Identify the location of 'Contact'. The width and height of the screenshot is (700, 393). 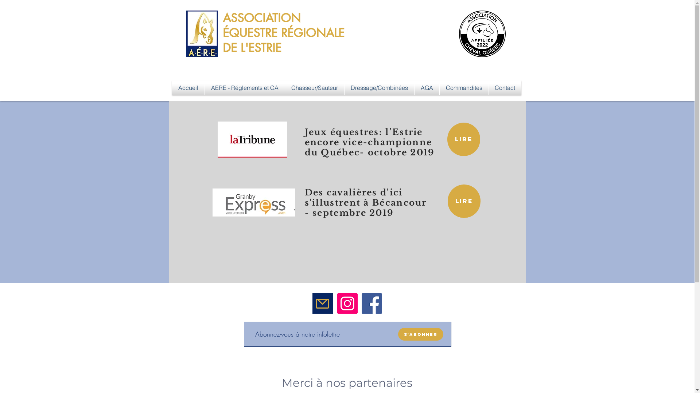
(504, 87).